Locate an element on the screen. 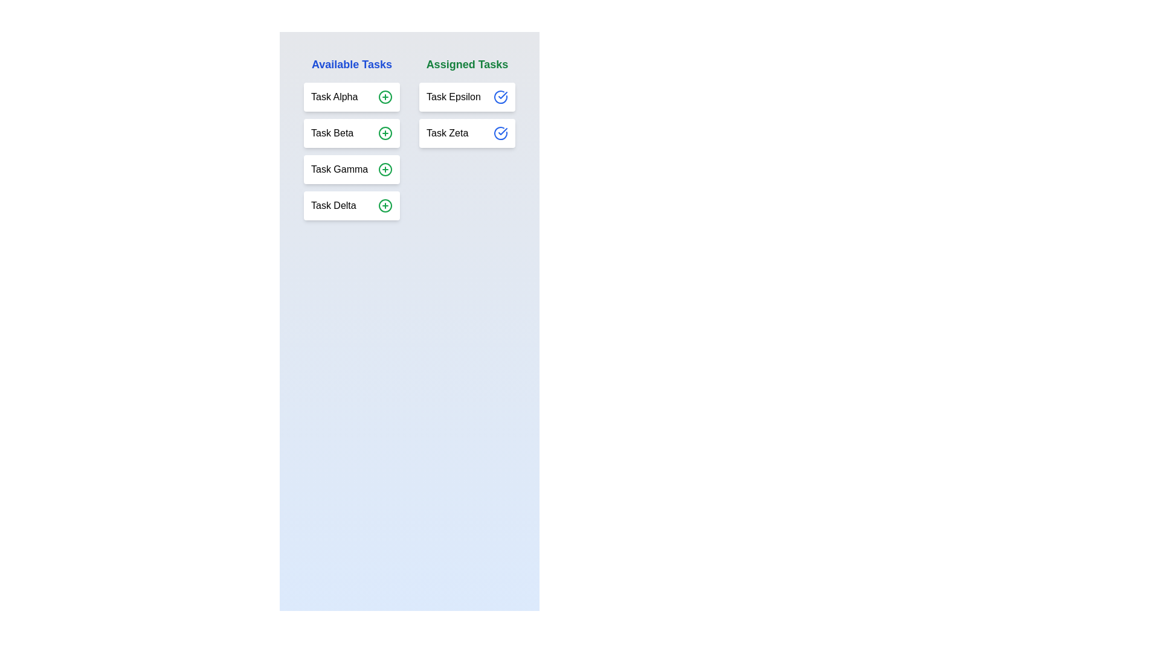 Image resolution: width=1160 pixels, height=652 pixels. plus icon next to the task Task Alpha to assign it is located at coordinates (385, 97).